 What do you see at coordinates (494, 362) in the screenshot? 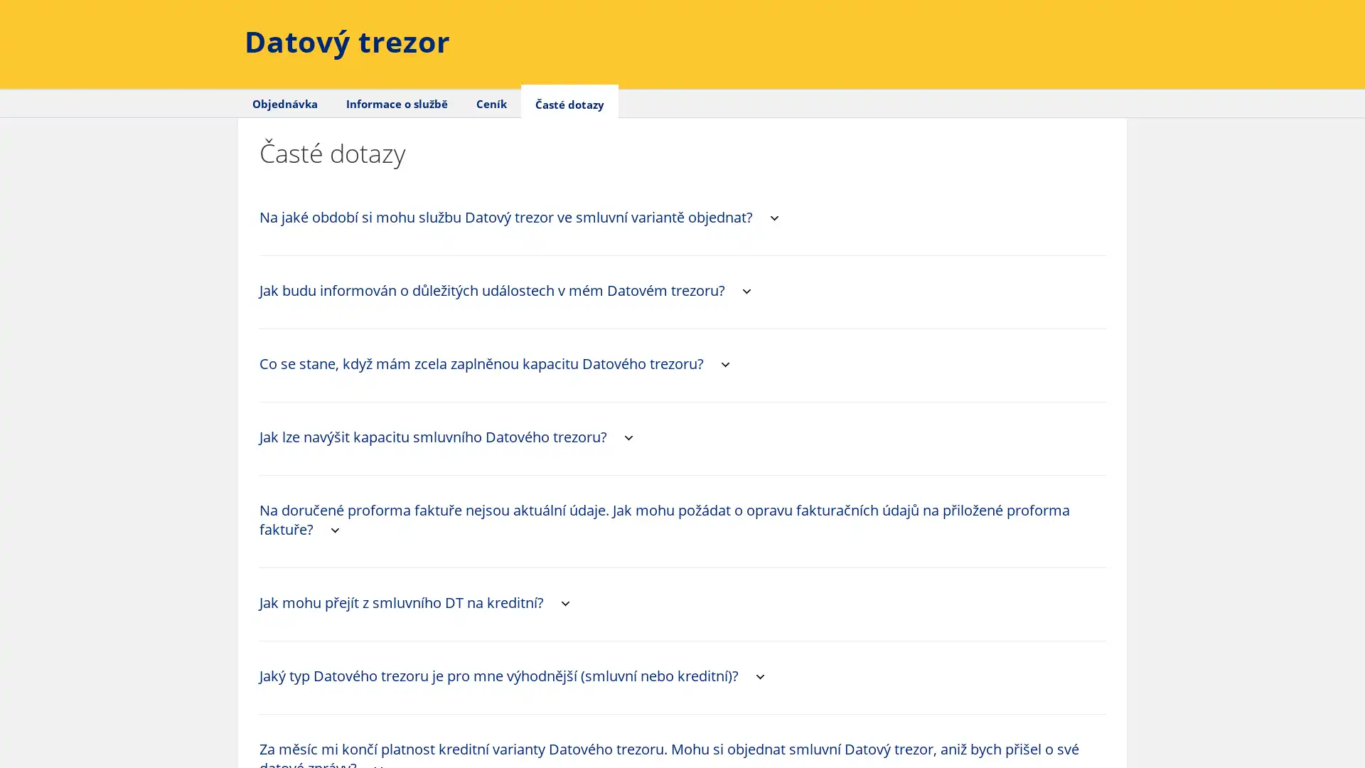
I see `Co se stane, kdyz mam zcela zaplnenou kapacitu Datoveho trezoru? collapse-arrow` at bounding box center [494, 362].